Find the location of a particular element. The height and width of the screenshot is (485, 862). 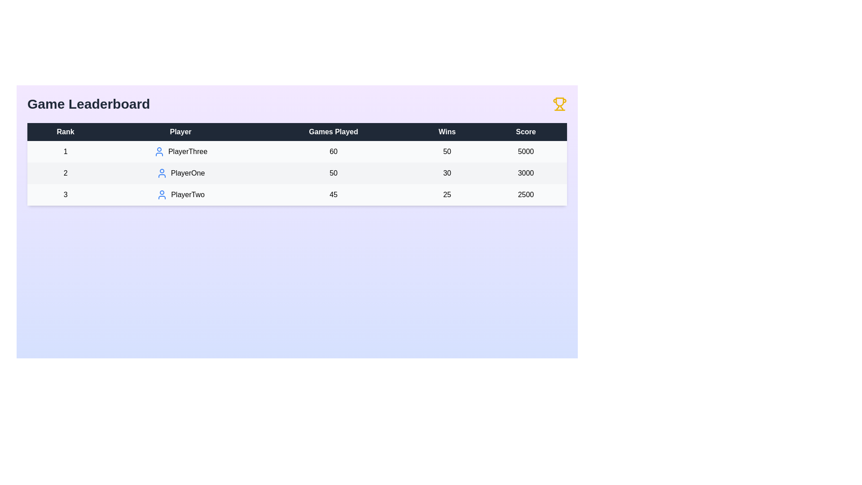

the first row of the leaderboard table is located at coordinates (297, 151).